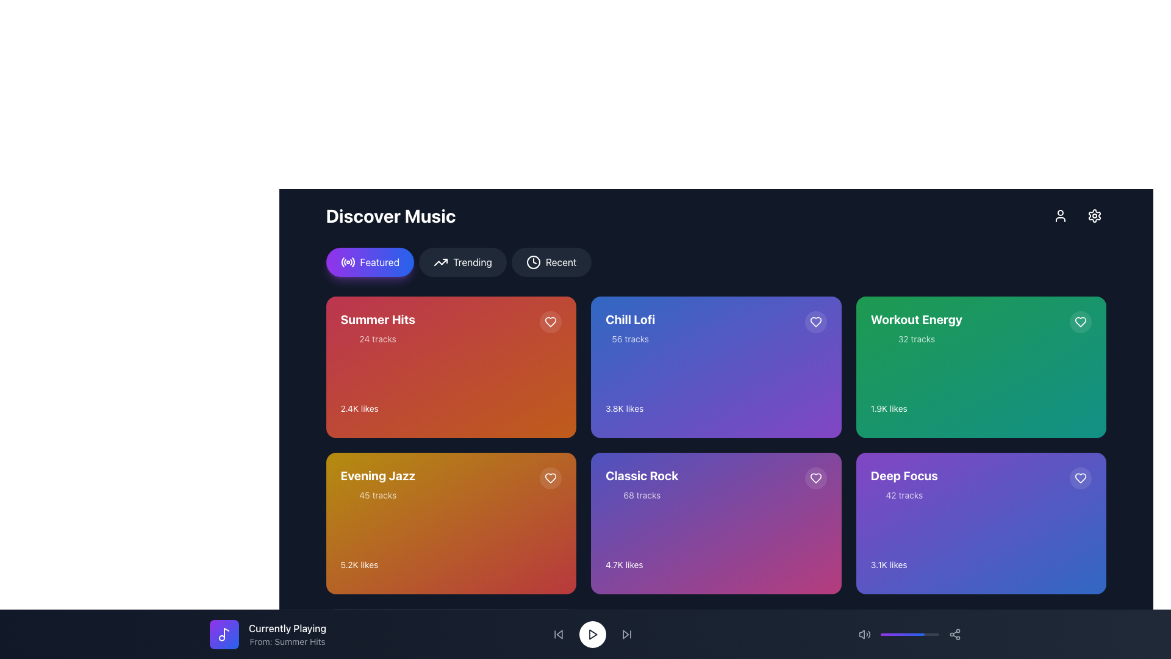  What do you see at coordinates (592, 634) in the screenshot?
I see `the play icon located at the bottom-center of the interface` at bounding box center [592, 634].